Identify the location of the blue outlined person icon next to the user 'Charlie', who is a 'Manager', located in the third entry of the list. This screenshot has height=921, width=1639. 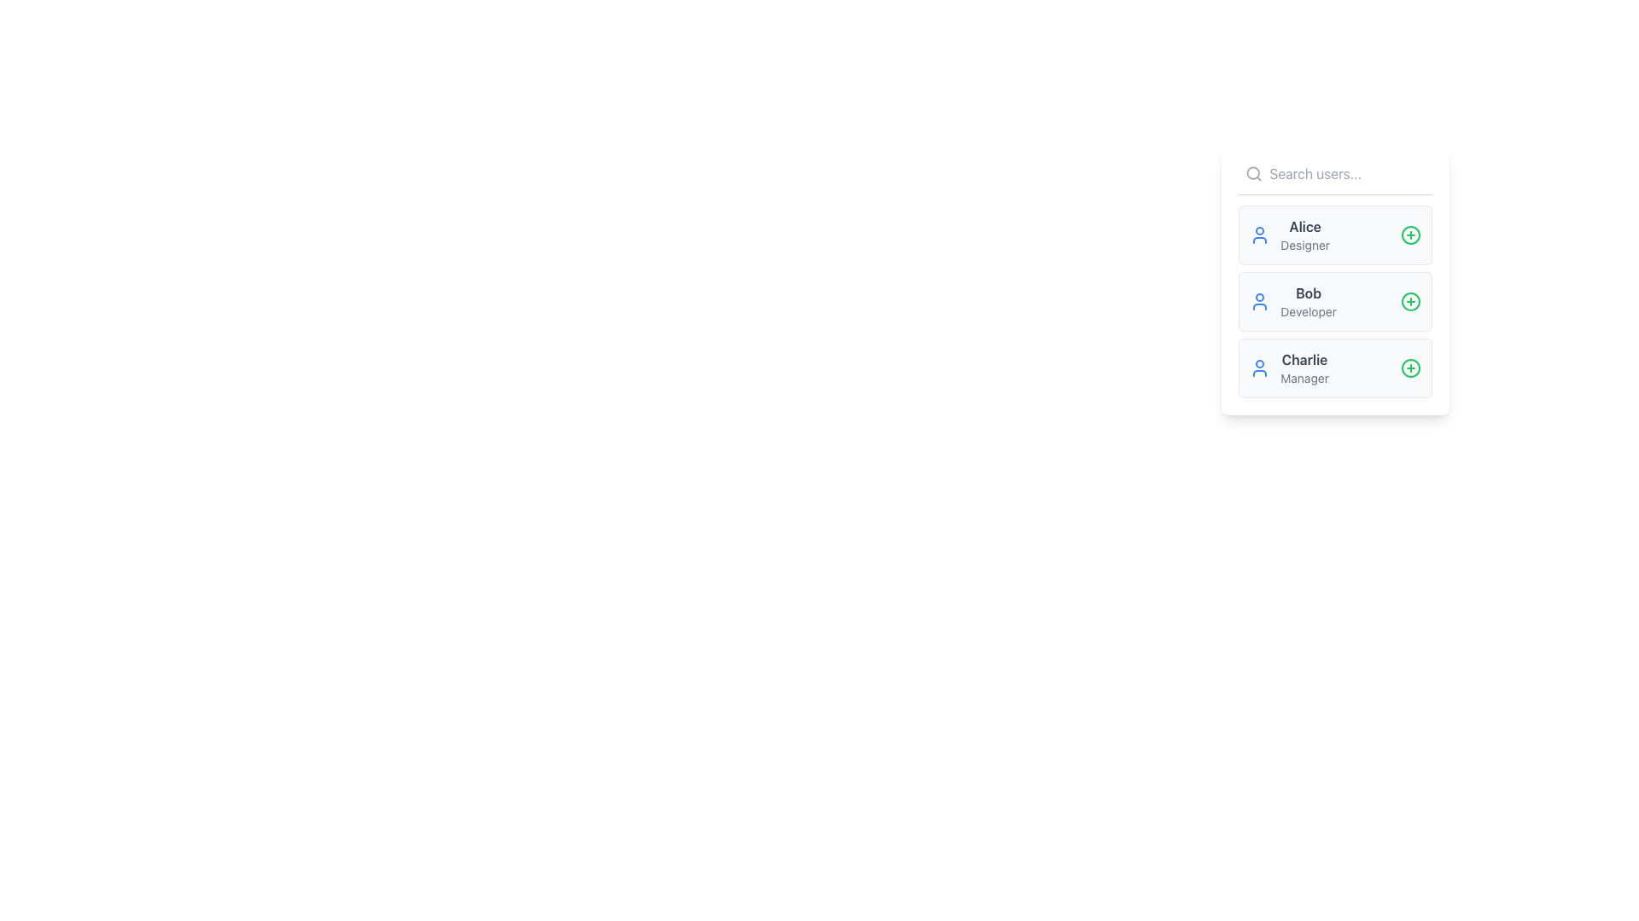
(1260, 368).